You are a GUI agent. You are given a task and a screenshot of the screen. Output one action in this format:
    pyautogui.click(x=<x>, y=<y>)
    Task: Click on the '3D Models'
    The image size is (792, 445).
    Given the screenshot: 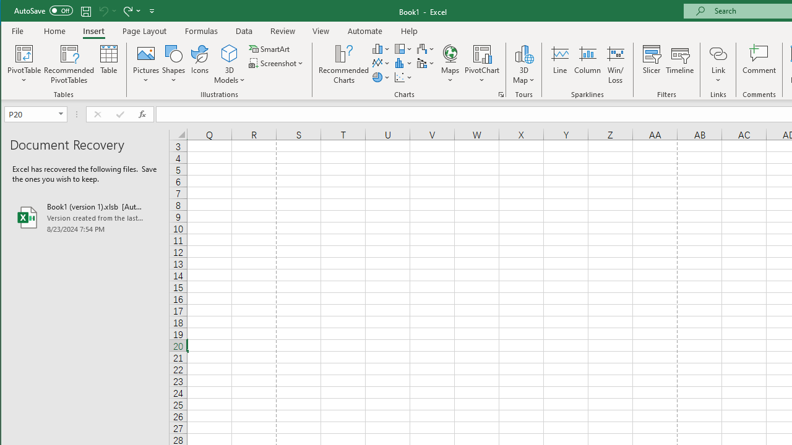 What is the action you would take?
    pyautogui.click(x=230, y=64)
    